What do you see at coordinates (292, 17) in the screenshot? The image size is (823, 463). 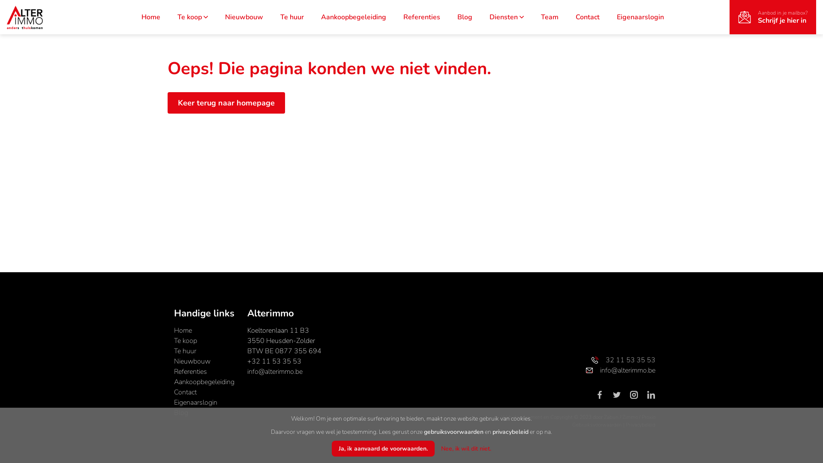 I see `'Te huur'` at bounding box center [292, 17].